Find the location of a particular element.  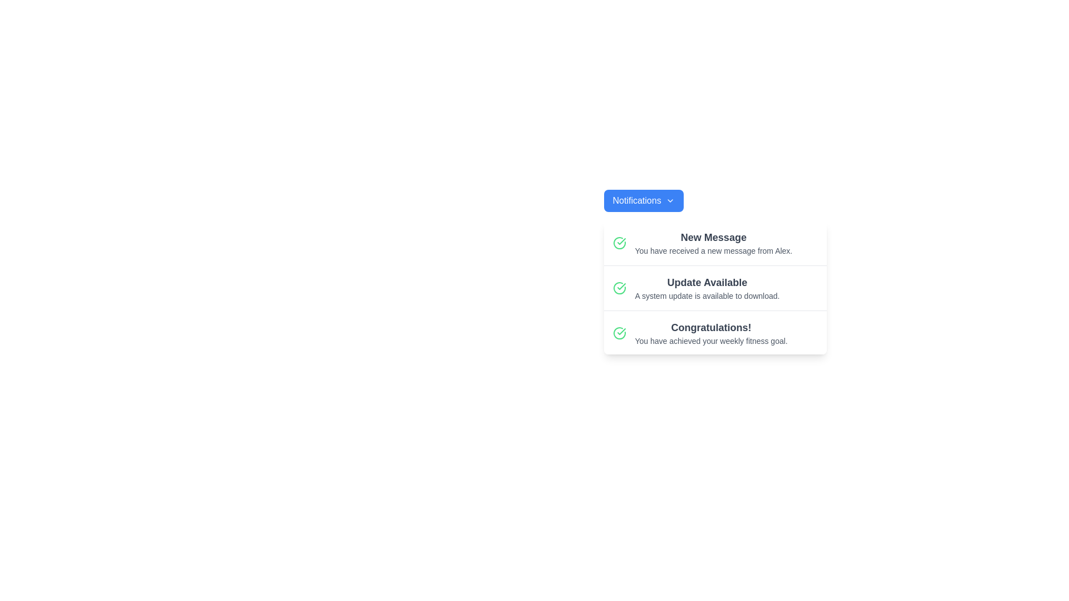

the circular green checkmark icon indicating confirmation, located to the left of the 'Update Available' notification is located at coordinates (619, 287).